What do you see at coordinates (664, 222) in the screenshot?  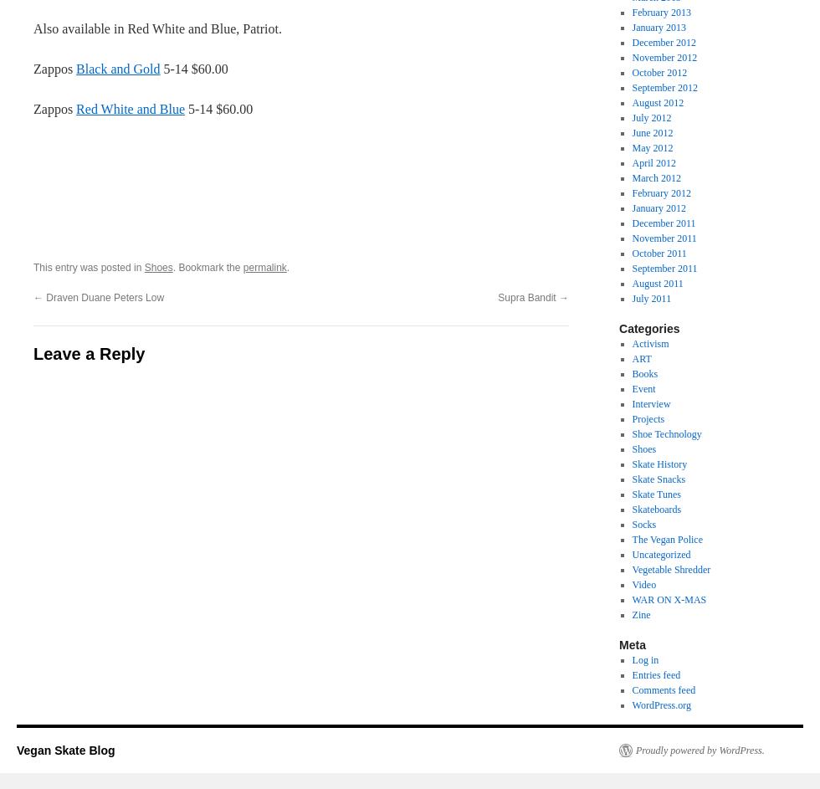 I see `'December 2011'` at bounding box center [664, 222].